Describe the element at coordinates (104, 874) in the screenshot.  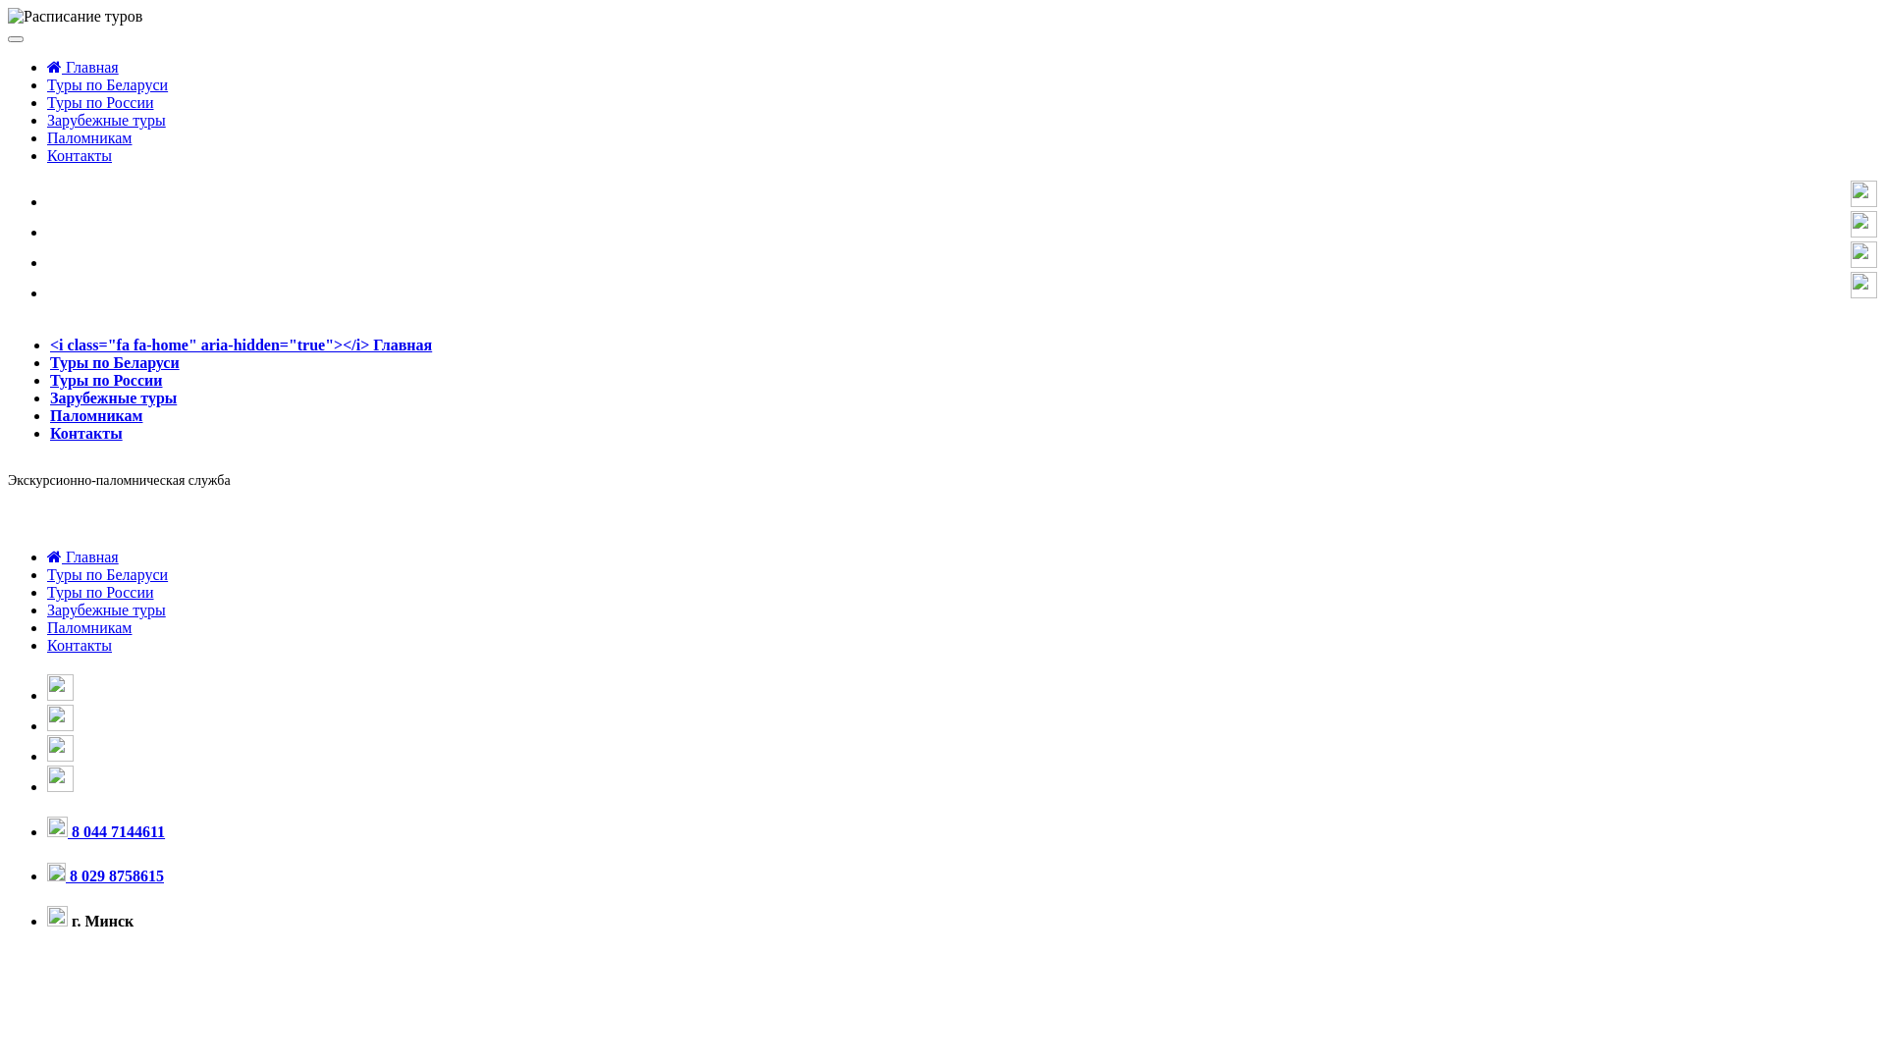
I see `' 8 029 8758615'` at that location.